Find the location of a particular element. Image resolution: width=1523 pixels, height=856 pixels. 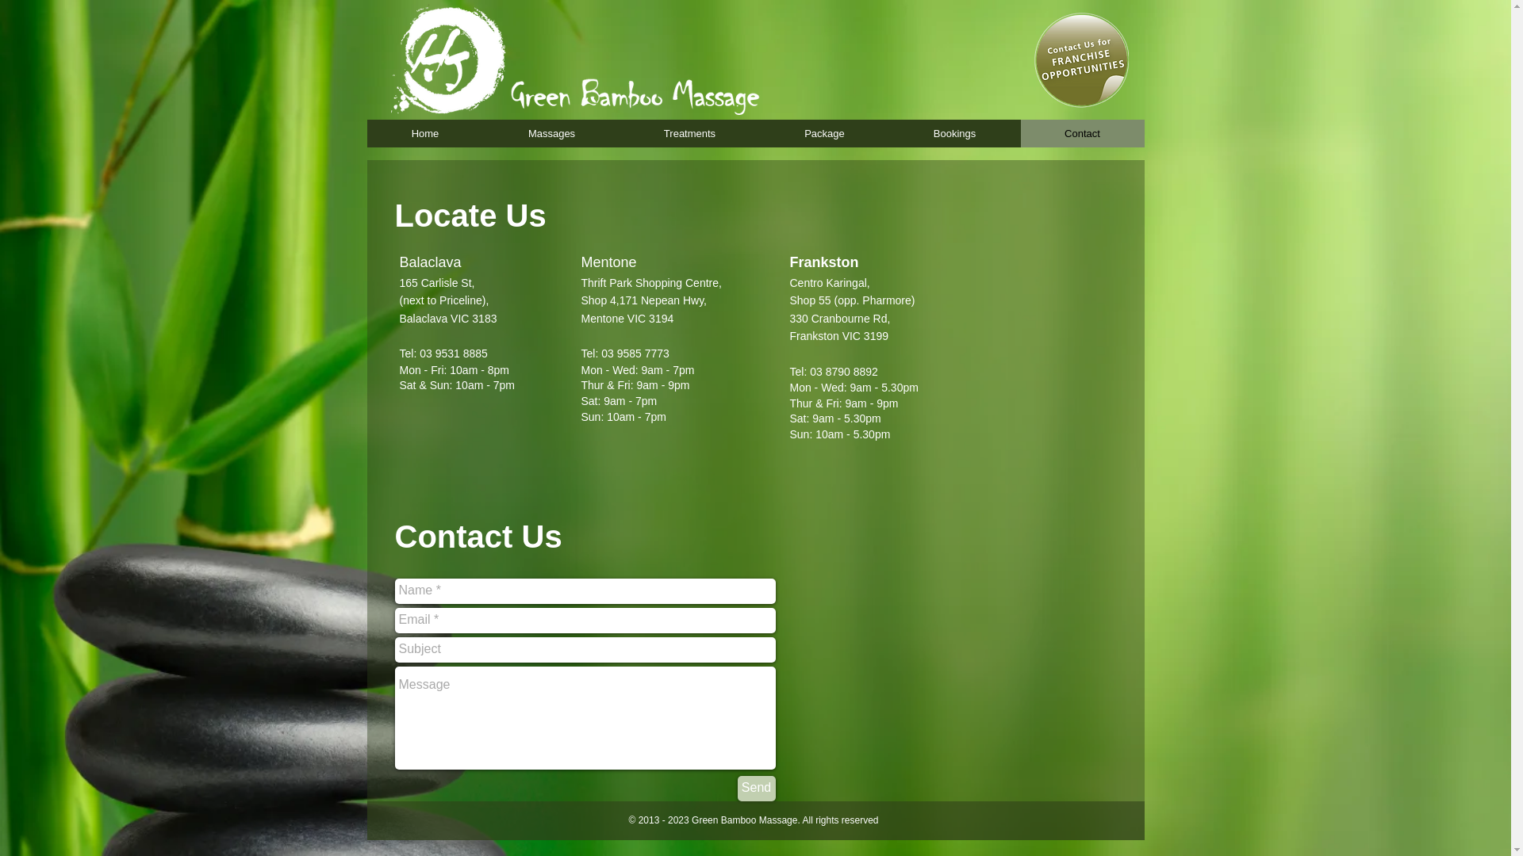

'icon.png' is located at coordinates (1080, 59).